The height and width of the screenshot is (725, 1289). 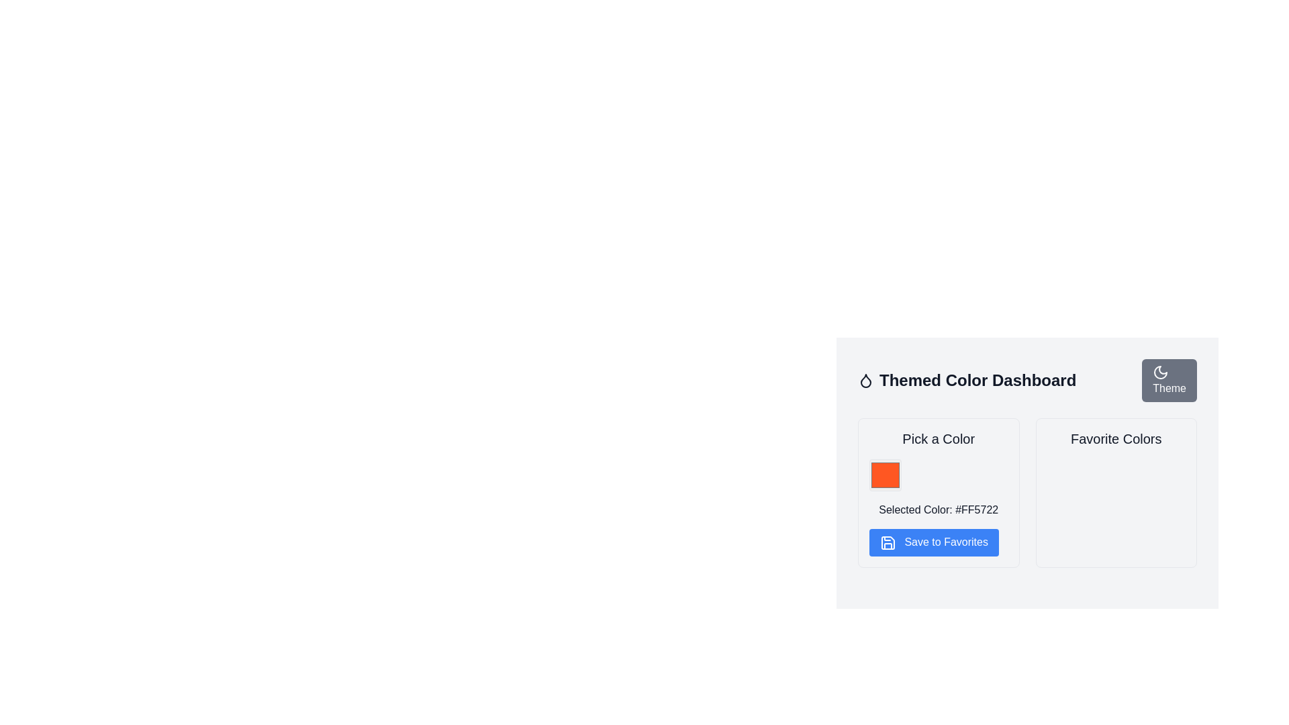 I want to click on the minimalist black droplet icon located to the left of the 'Themed Color Dashboard' title text in the top-left corner of the header area, so click(x=866, y=381).